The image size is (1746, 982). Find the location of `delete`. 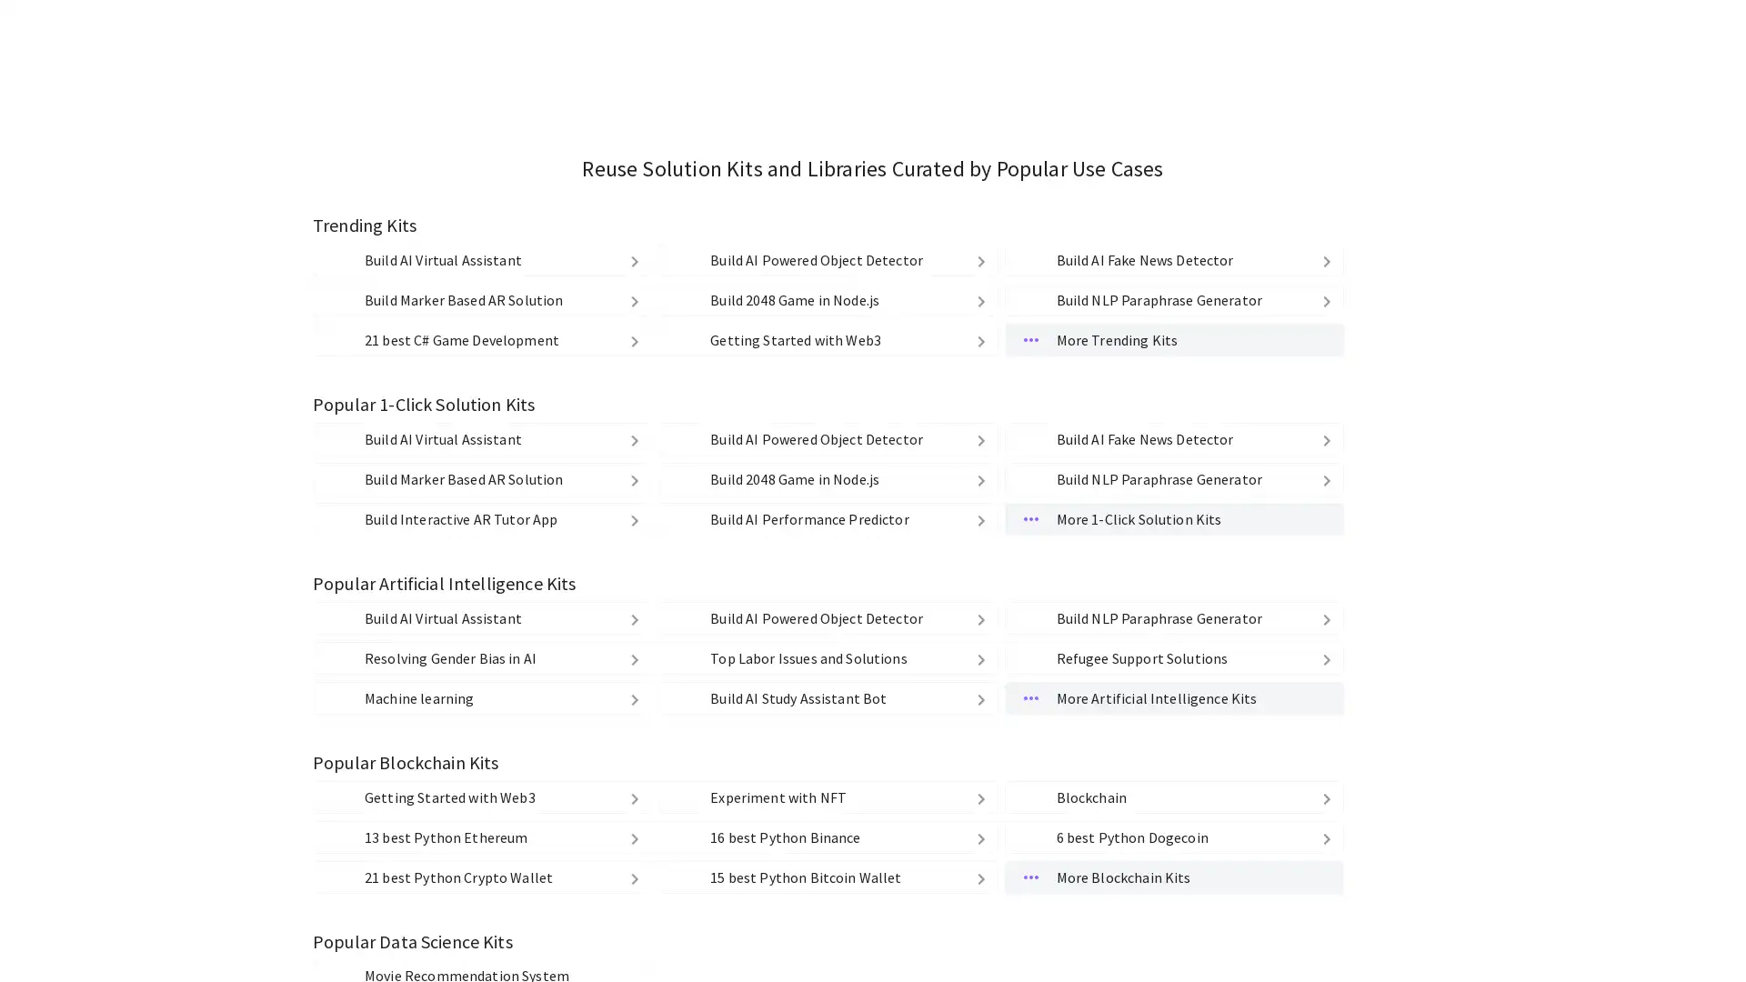

delete is located at coordinates (1299, 757).